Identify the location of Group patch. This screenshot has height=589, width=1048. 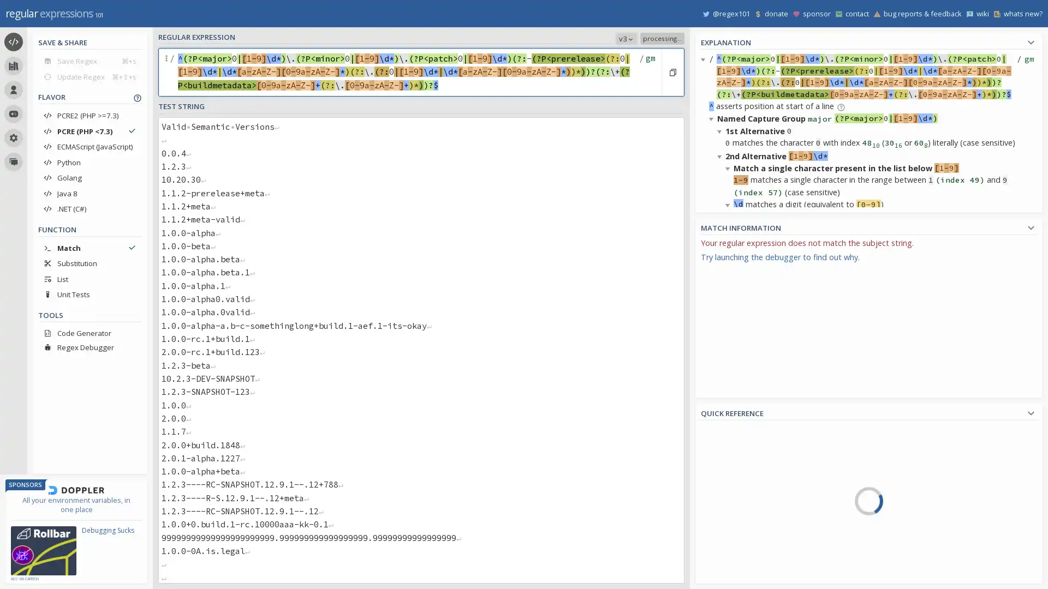
(730, 400).